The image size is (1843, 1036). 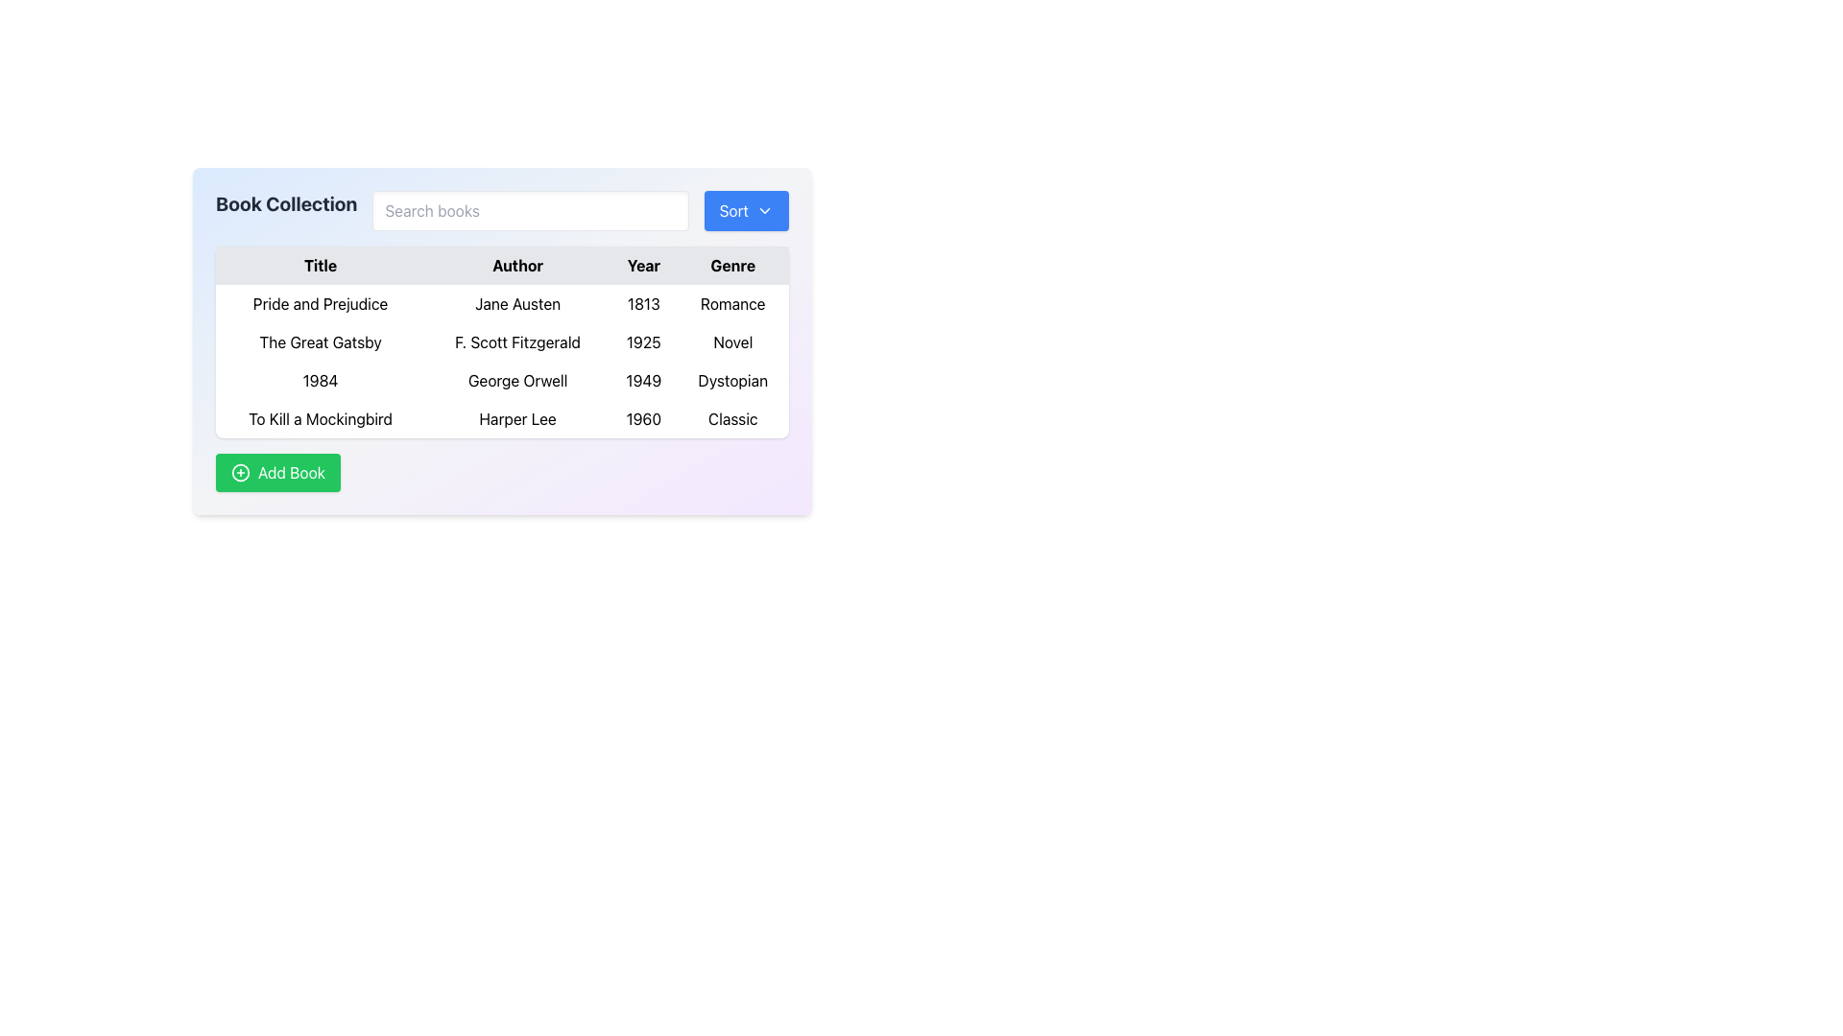 I want to click on the text label displaying 'Pride and Prejudice' in the 'Title' column of the table, so click(x=321, y=302).